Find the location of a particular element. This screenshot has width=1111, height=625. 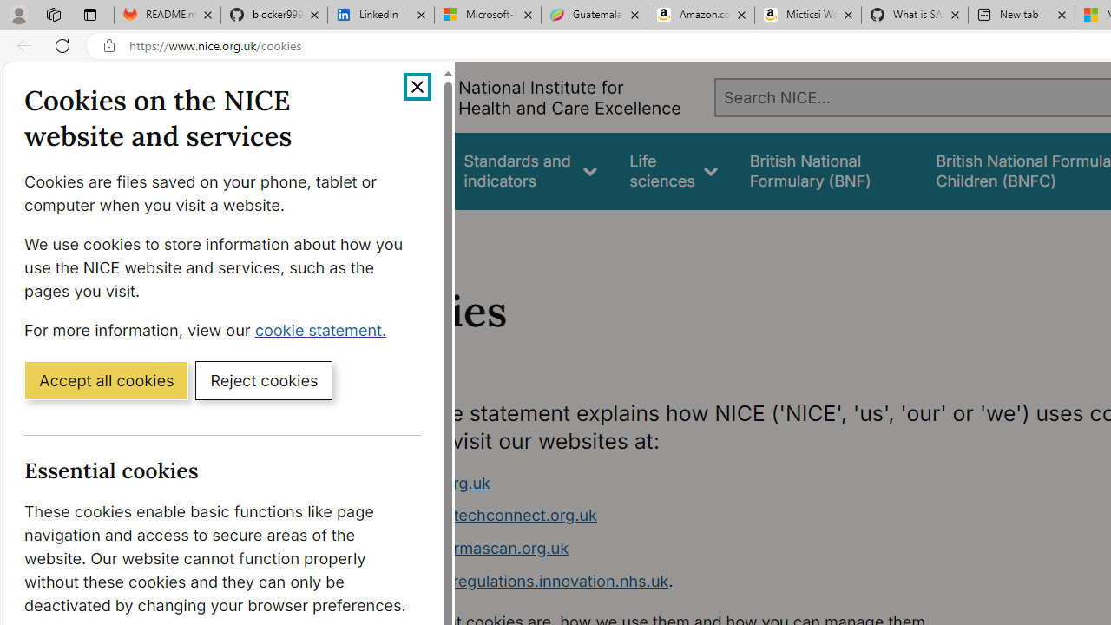

'cookie statement. (Opens in a new window)' is located at coordinates (324, 329).